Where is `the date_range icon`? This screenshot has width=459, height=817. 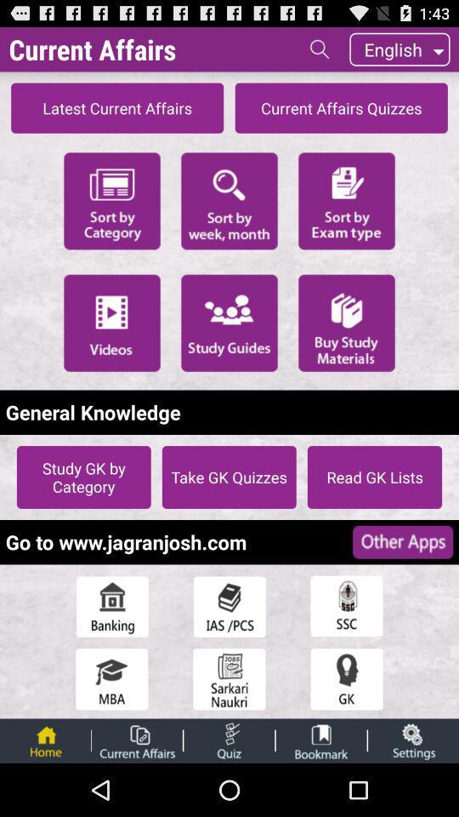 the date_range icon is located at coordinates (229, 726).